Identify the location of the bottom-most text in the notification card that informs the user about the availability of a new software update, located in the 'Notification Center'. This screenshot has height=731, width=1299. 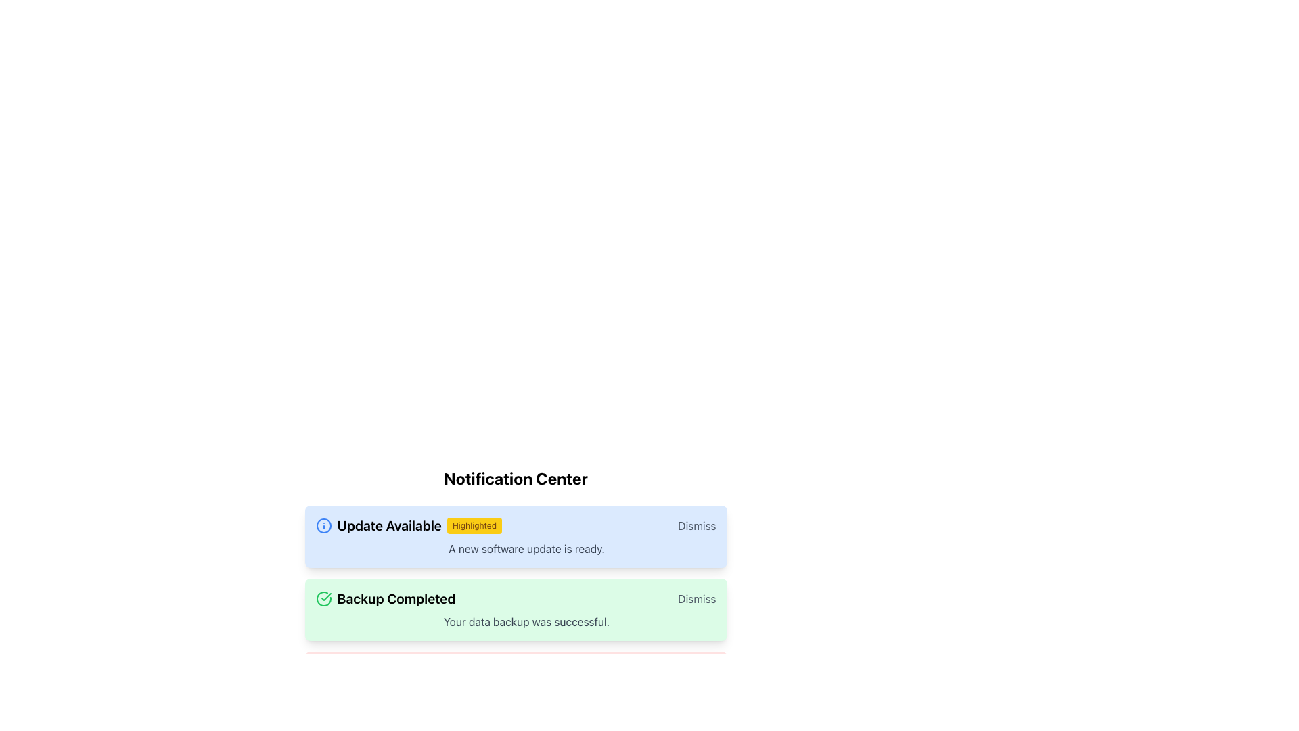
(526, 548).